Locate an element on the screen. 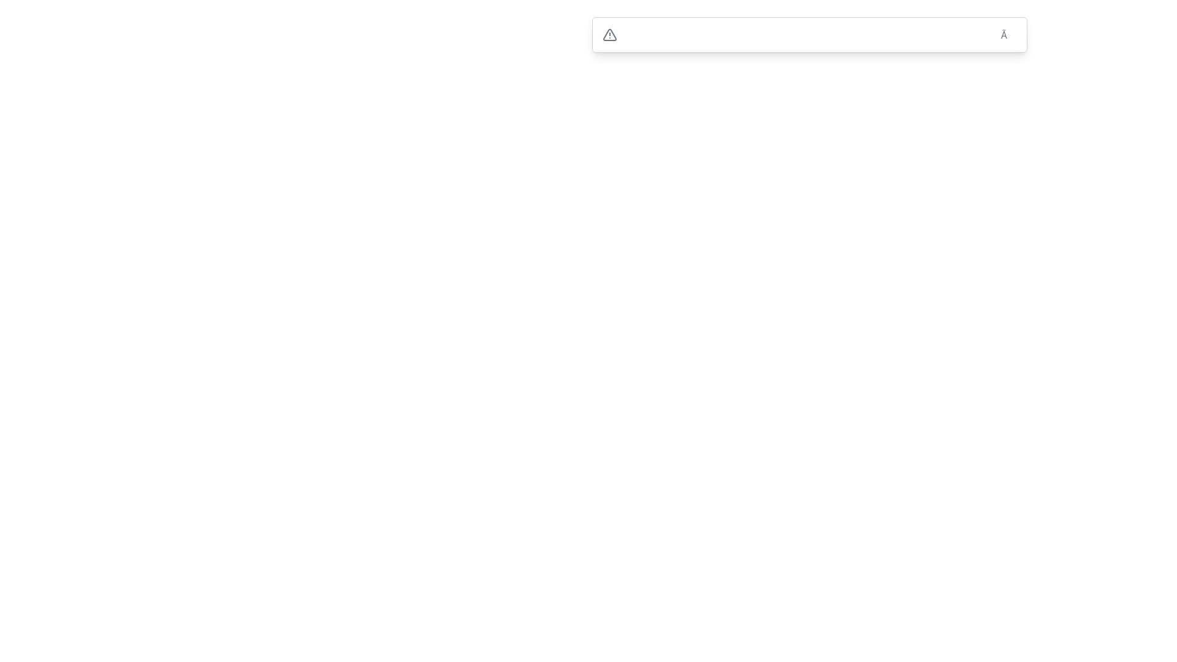 The image size is (1177, 662). the close button located in the upper-right corner of the alert box is located at coordinates (1008, 34).